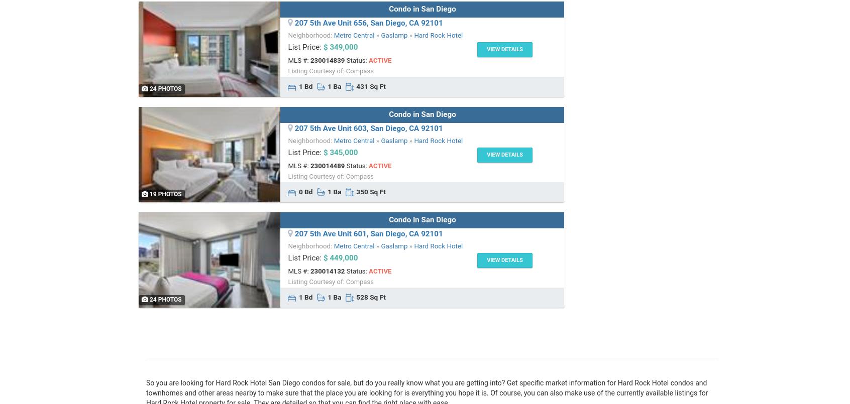  I want to click on '528 Sq Ft', so click(369, 297).